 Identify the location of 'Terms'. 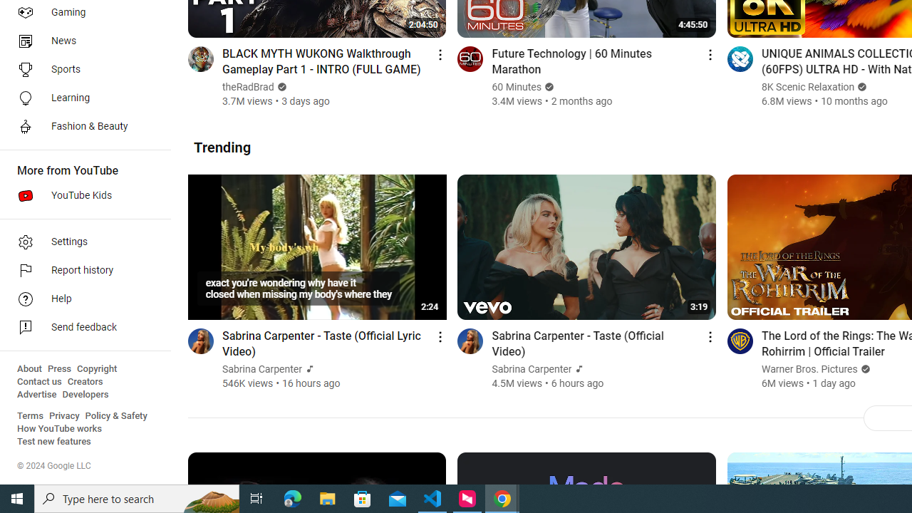
(30, 416).